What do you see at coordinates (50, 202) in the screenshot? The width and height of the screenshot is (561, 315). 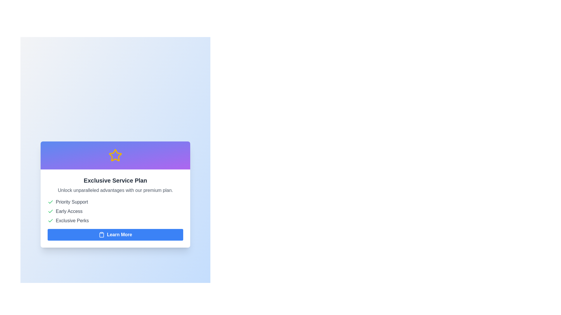 I see `the minimalistic green checkmark icon located next to the text 'Priority Support', which is the first icon in the list of features under 'Exclusive Service Plan'` at bounding box center [50, 202].